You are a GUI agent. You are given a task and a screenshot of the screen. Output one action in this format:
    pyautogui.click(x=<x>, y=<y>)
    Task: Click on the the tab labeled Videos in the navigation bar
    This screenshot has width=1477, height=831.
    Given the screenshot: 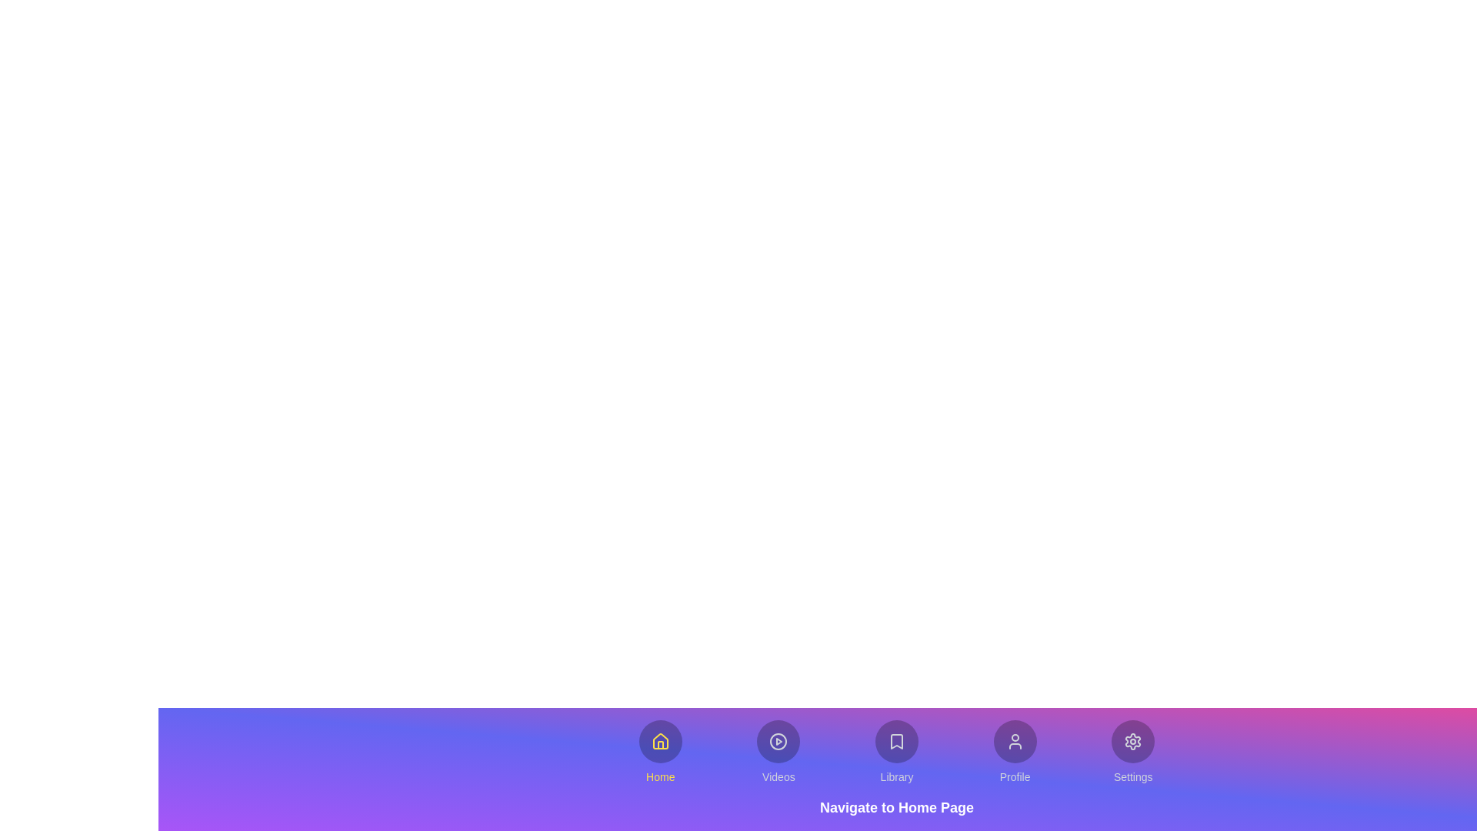 What is the action you would take?
    pyautogui.click(x=779, y=752)
    